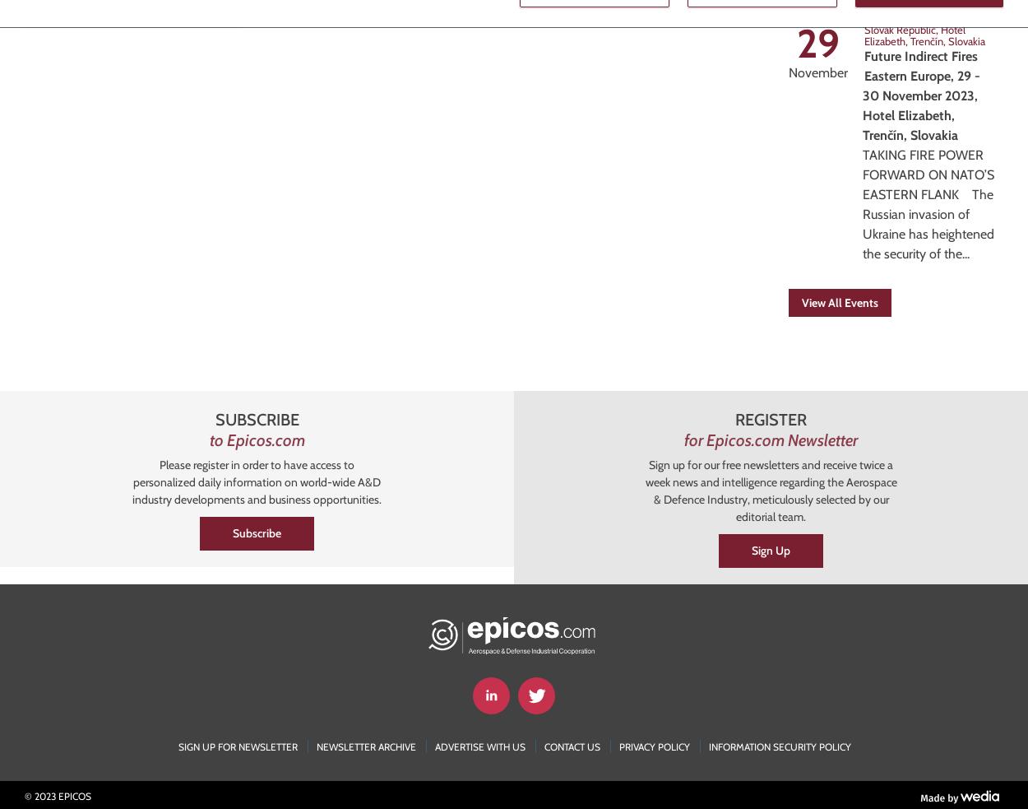 This screenshot has height=809, width=1028. I want to click on 'TAKING FIRE POWER FORWARD ON NATO’S EASTERN FLANK 
 
The Russian invasion of Ukraine has heightened the security of the...', so click(928, 204).